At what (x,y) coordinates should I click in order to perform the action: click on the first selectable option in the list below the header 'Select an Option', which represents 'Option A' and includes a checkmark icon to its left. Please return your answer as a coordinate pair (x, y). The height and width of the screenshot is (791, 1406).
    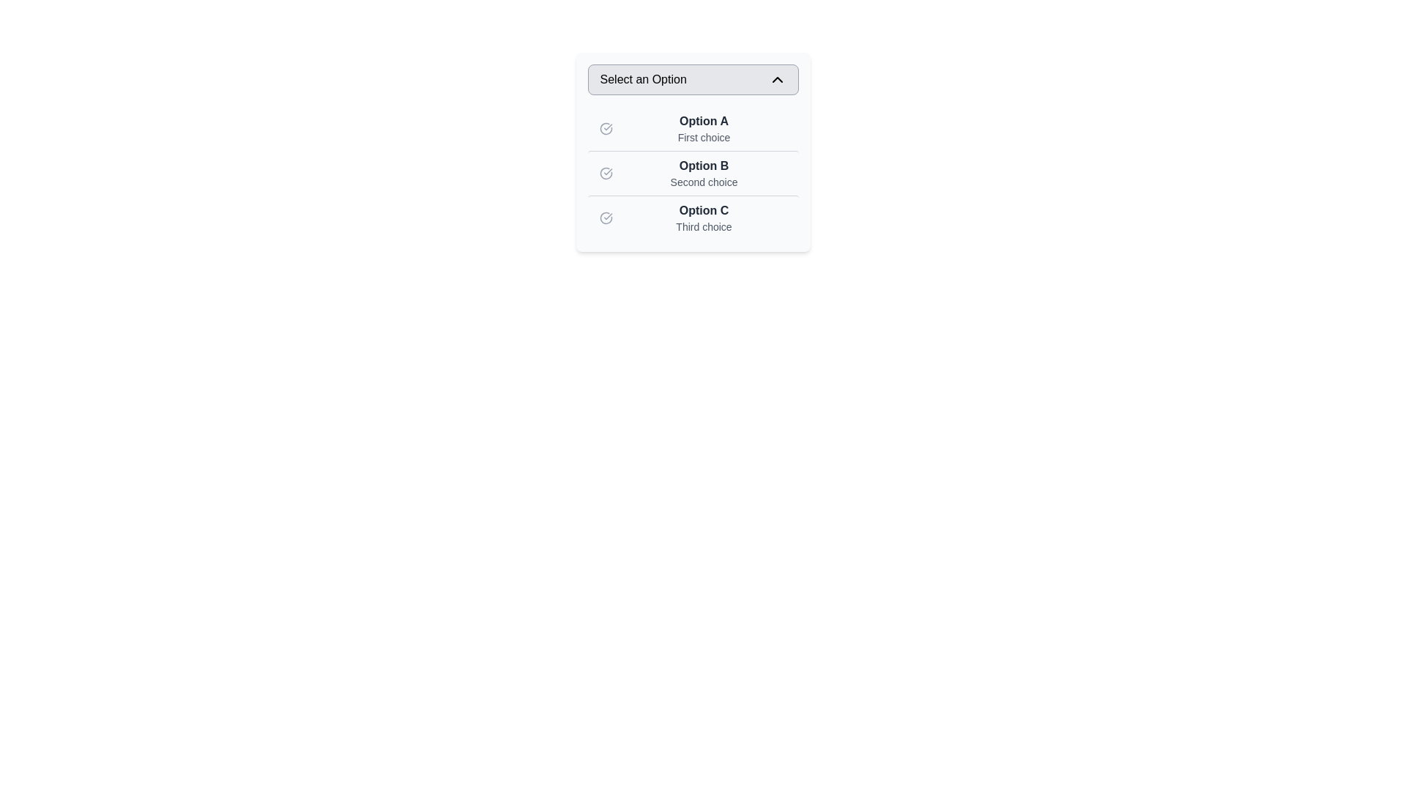
    Looking at the image, I should click on (692, 128).